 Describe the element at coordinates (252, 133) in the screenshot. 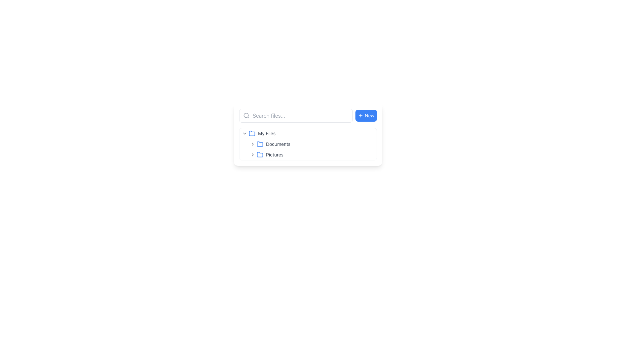

I see `the folder icon, which is a rounded SVG vector graphic located to the left of the 'My Files' label in the top section of the file hierarchy` at that location.